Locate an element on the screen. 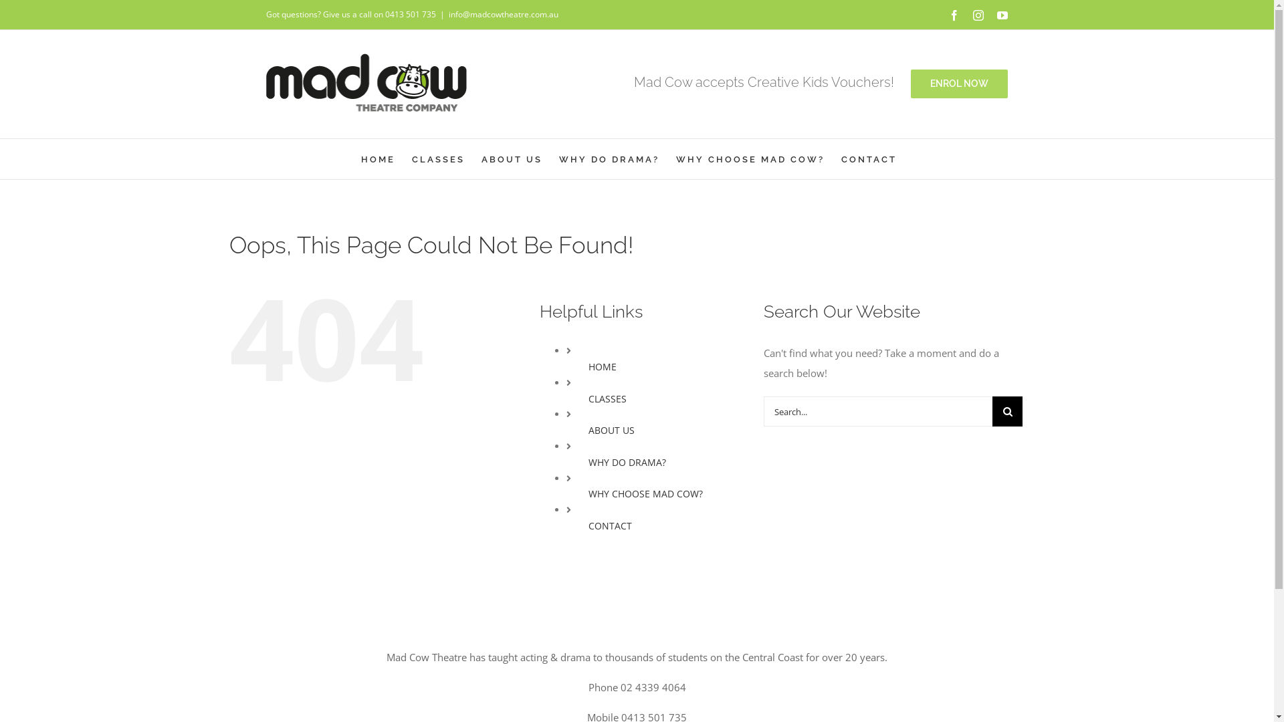 This screenshot has width=1284, height=722. 'CLASSES' is located at coordinates (607, 398).